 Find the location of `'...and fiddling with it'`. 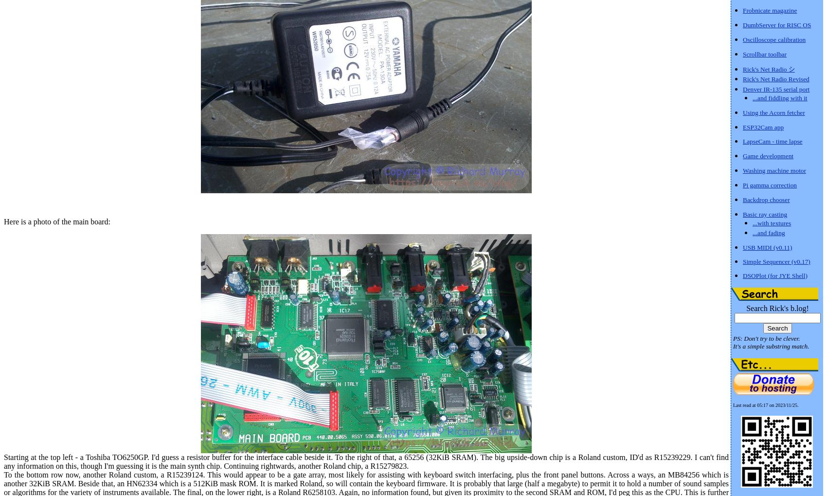

'...and fiddling with it' is located at coordinates (779, 97).